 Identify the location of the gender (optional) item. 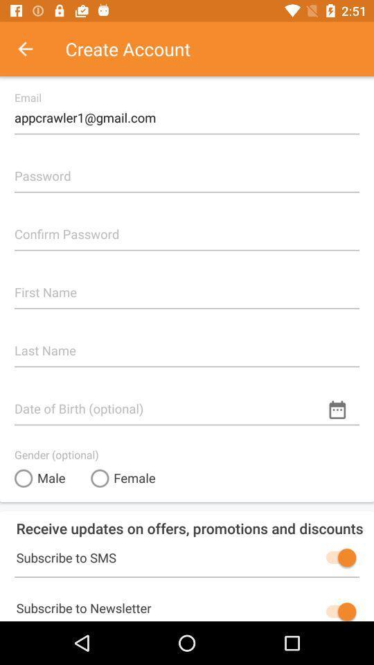
(55, 454).